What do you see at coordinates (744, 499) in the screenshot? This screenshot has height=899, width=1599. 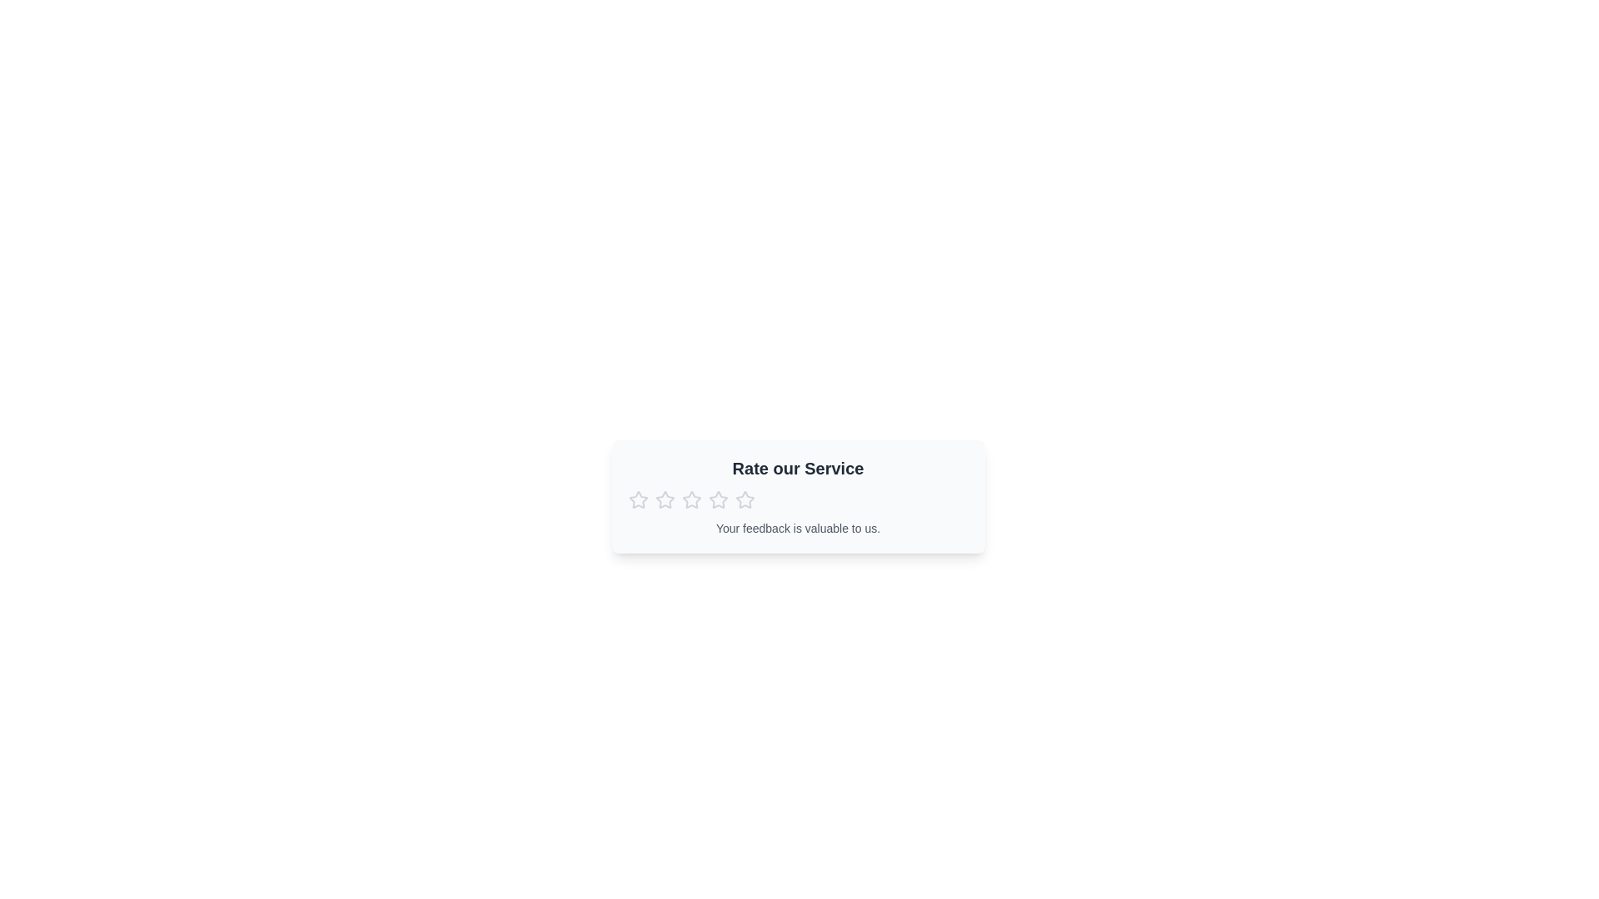 I see `the fourth star in the rating component` at bounding box center [744, 499].